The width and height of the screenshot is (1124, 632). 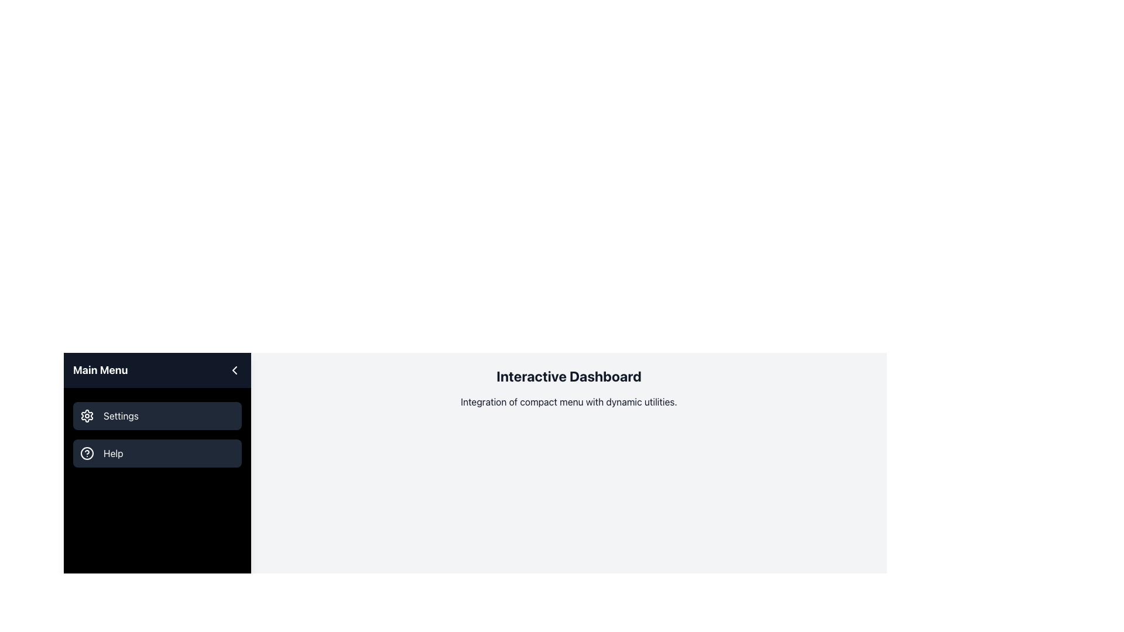 I want to click on the inner circle of the 'Help' icon in the sidebar, which is visually represented as an SVG Circle Graphic, positioned below the 'Settings' option, so click(x=86, y=453).